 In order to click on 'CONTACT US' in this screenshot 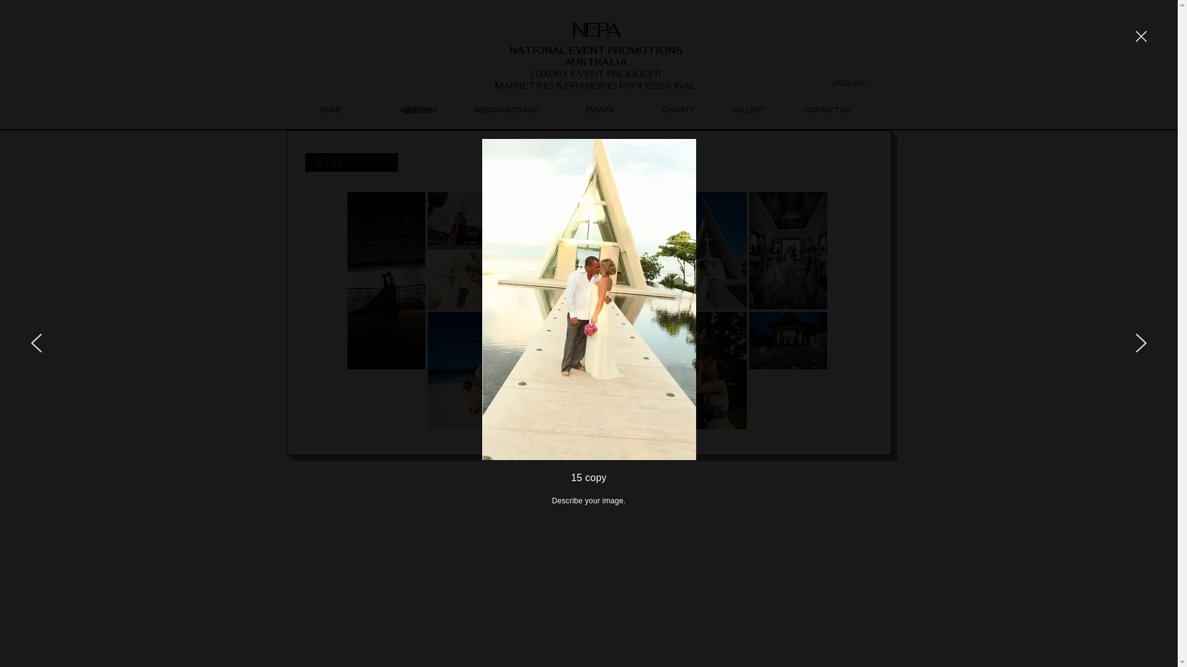, I will do `click(827, 109)`.